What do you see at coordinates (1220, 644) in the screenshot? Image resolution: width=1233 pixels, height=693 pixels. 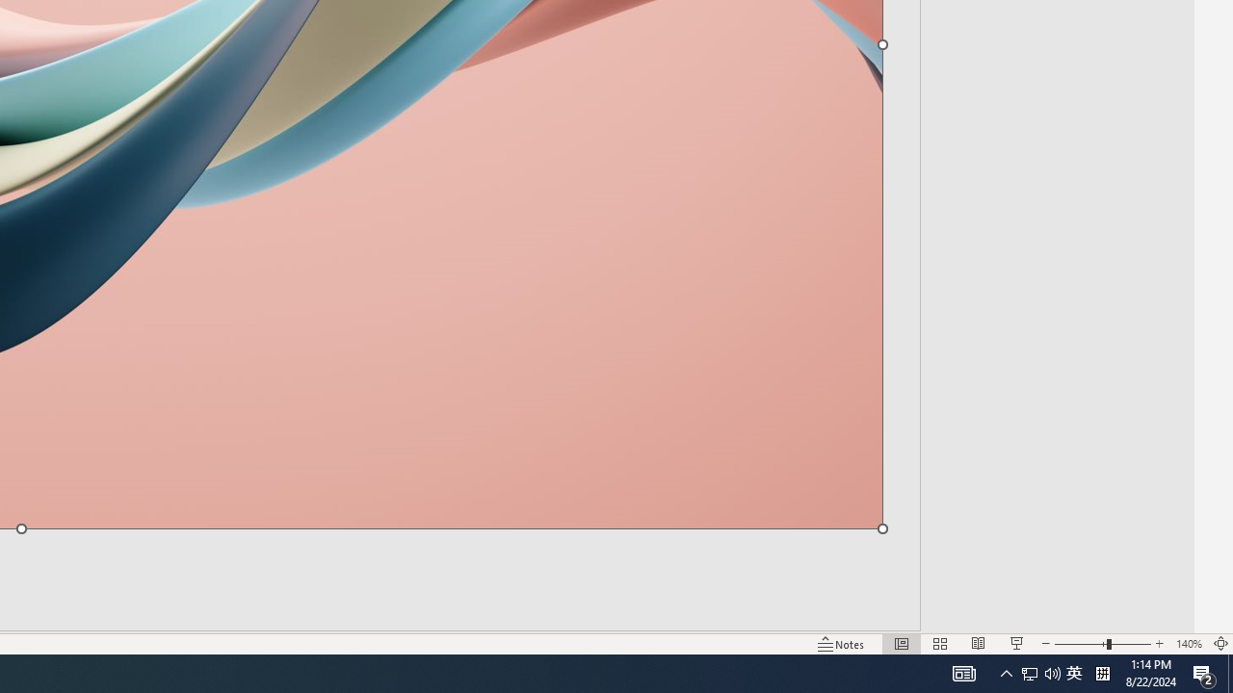 I see `'Zoom to Fit '` at bounding box center [1220, 644].